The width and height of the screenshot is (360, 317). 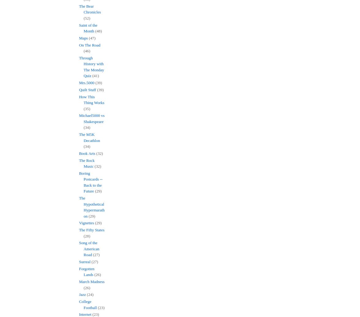 I want to click on 'The Rock Music', so click(x=87, y=163).